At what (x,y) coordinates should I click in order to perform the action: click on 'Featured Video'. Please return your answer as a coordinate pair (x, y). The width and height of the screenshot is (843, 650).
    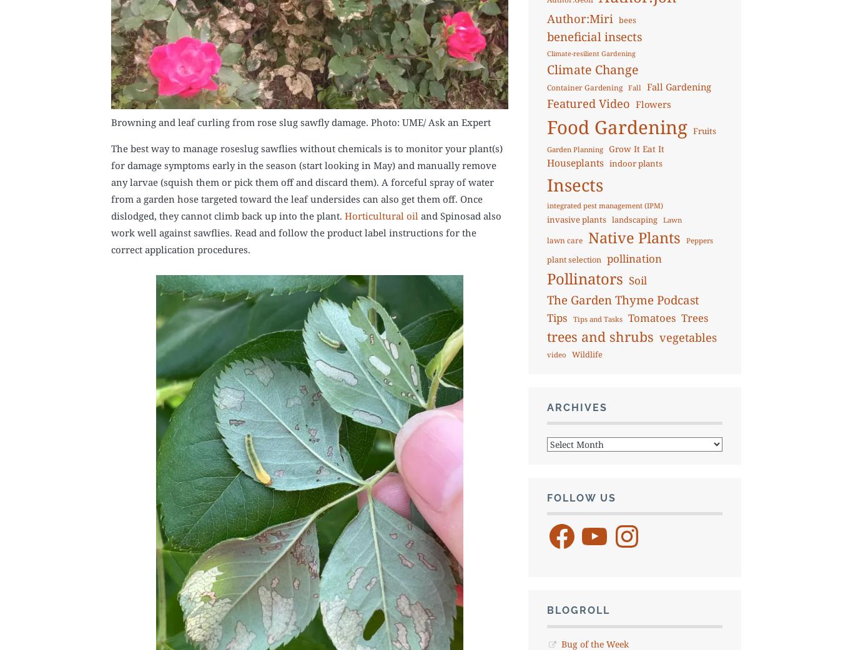
    Looking at the image, I should click on (587, 103).